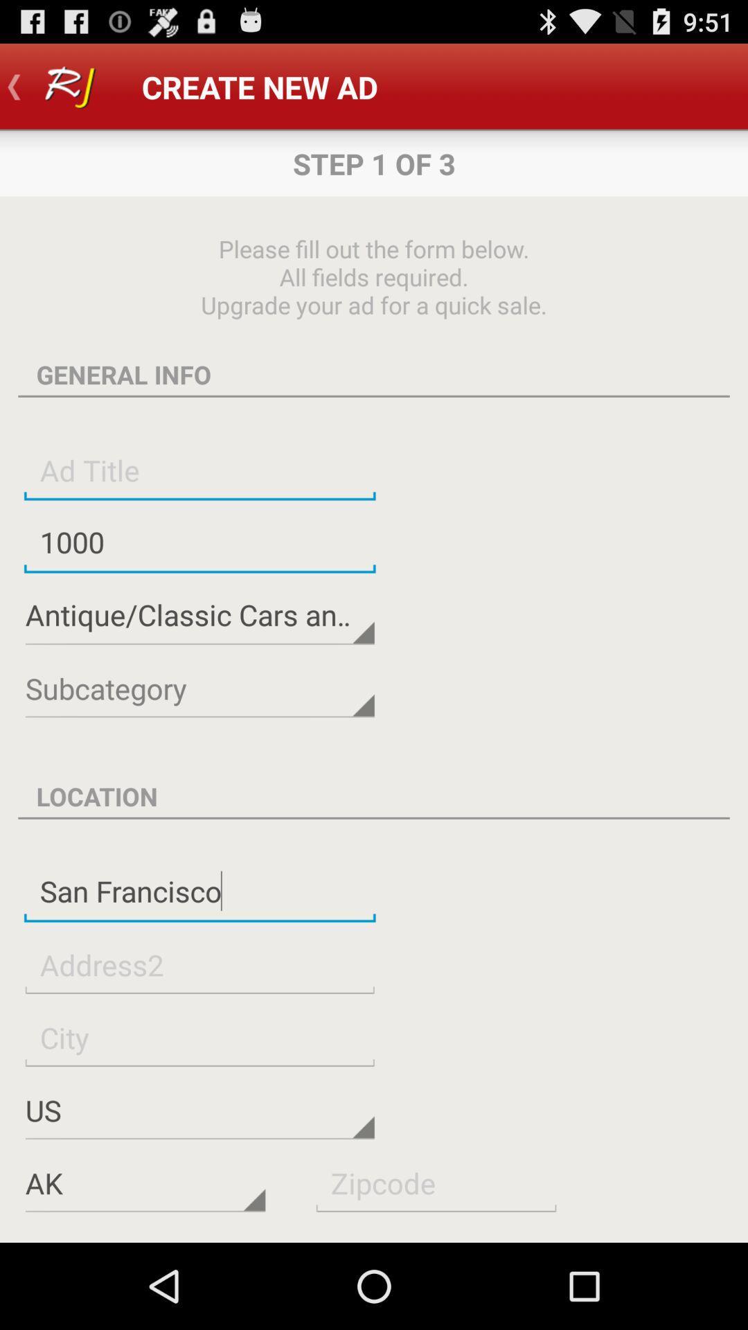  What do you see at coordinates (435, 1182) in the screenshot?
I see `zipcode` at bounding box center [435, 1182].